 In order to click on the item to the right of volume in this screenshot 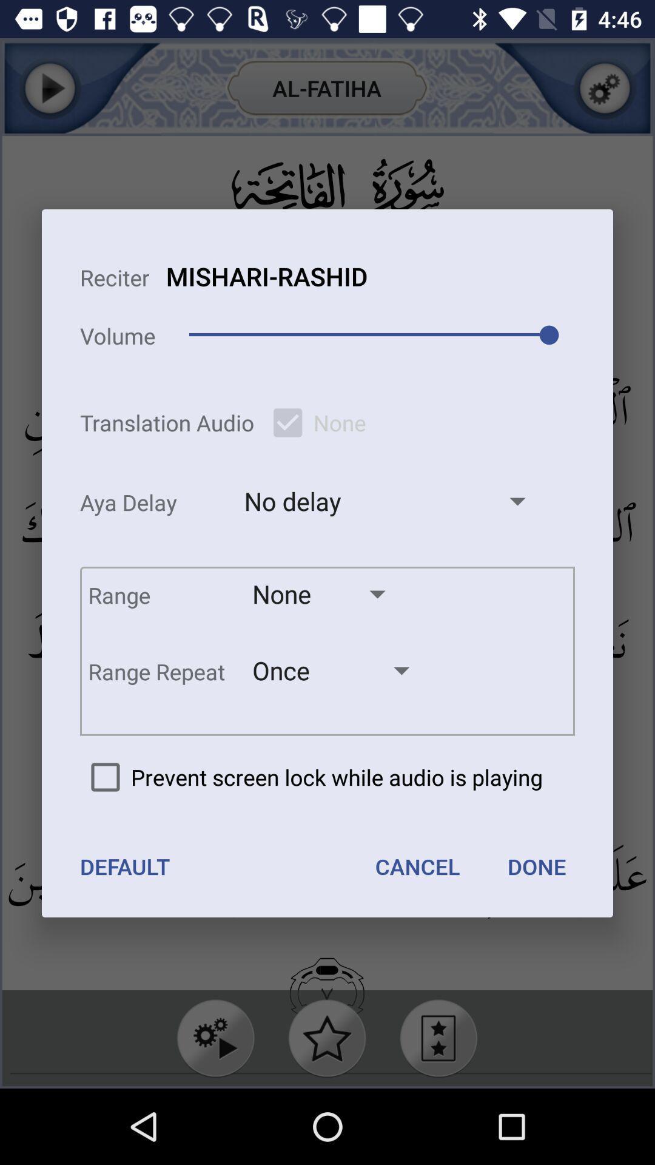, I will do `click(266, 275)`.